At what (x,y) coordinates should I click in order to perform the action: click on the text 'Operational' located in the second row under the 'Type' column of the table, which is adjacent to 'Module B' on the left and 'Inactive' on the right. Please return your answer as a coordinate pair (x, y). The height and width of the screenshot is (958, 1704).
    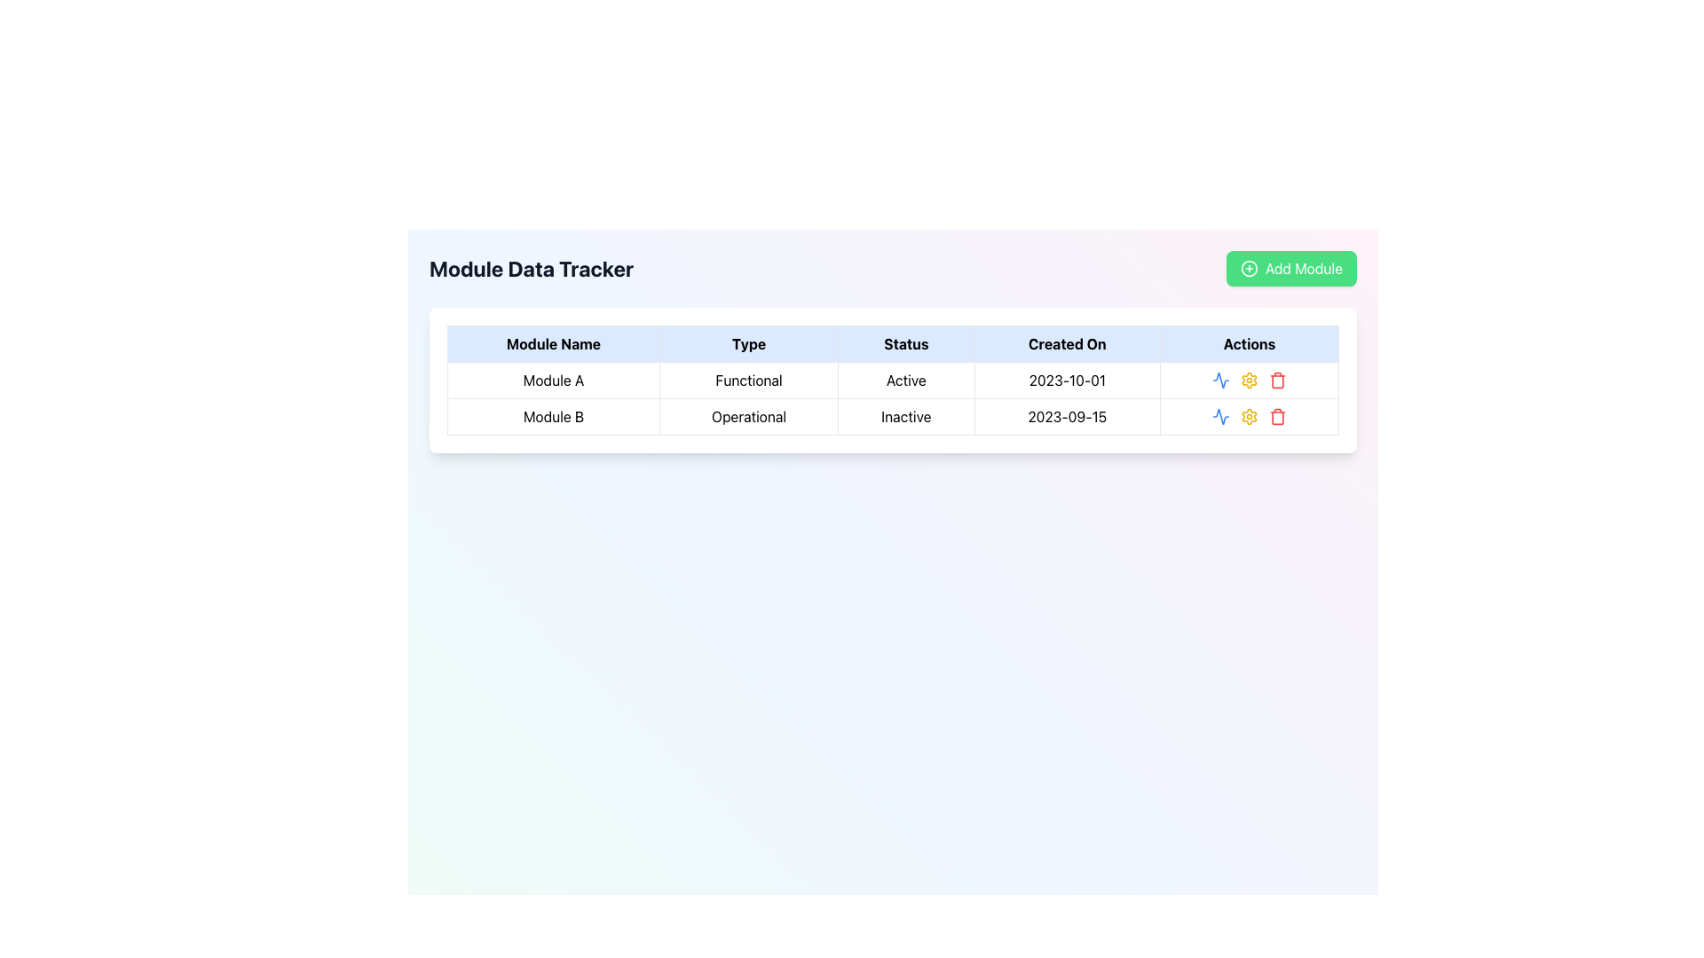
    Looking at the image, I should click on (749, 417).